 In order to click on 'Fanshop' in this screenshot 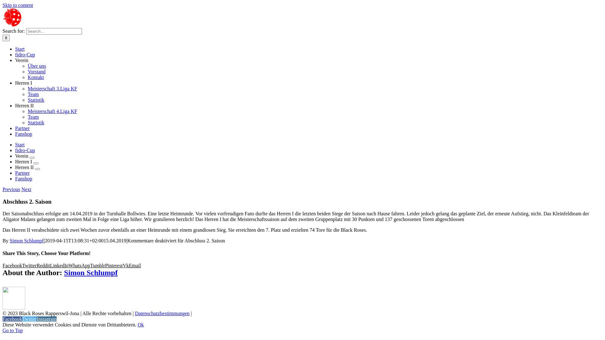, I will do `click(24, 133)`.